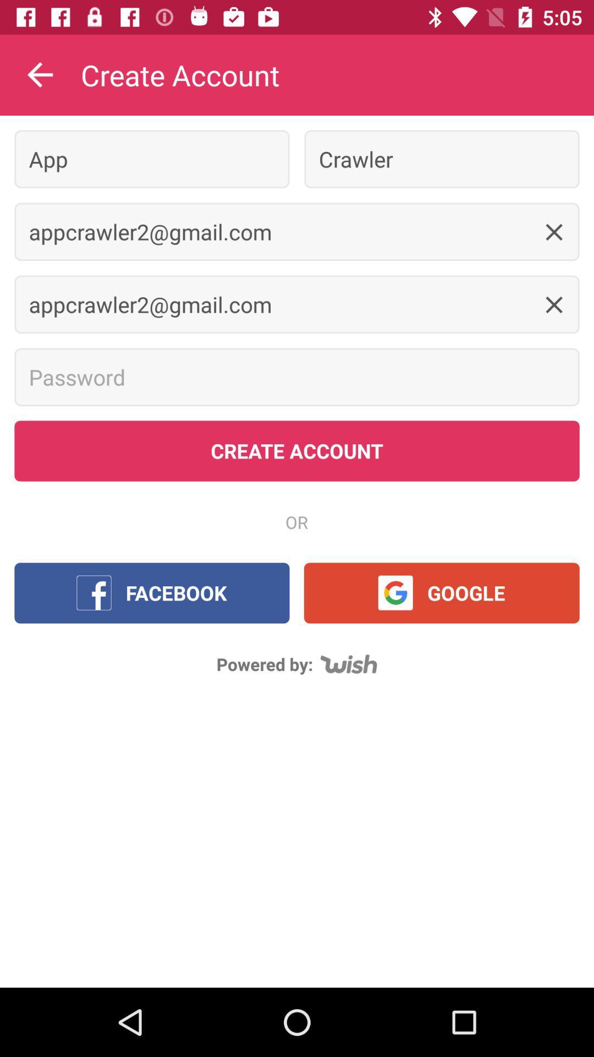  Describe the element at coordinates (297, 377) in the screenshot. I see `your password` at that location.